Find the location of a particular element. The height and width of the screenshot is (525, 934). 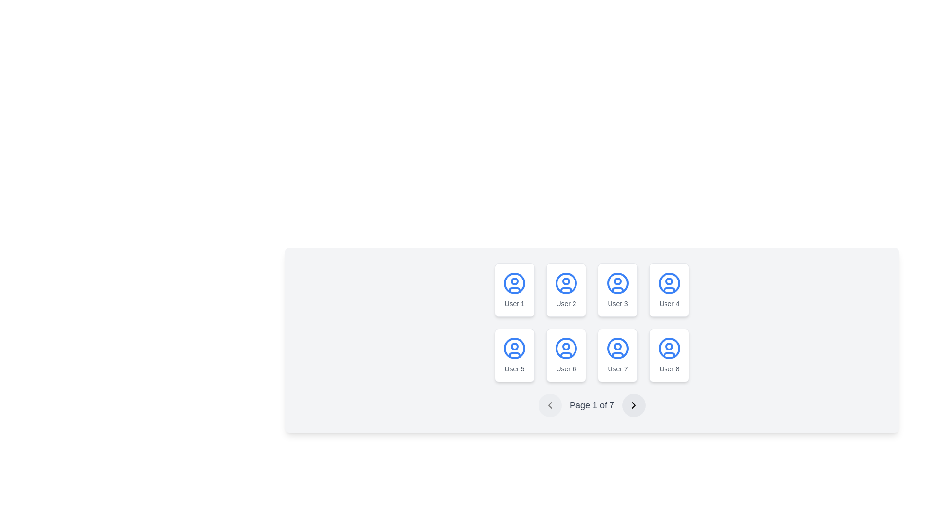

the text caption displaying 'Page 1 of 7' which is located in the bottom center of the interface, styled in gray and centered beneath a grid of user cards is located at coordinates (592, 405).